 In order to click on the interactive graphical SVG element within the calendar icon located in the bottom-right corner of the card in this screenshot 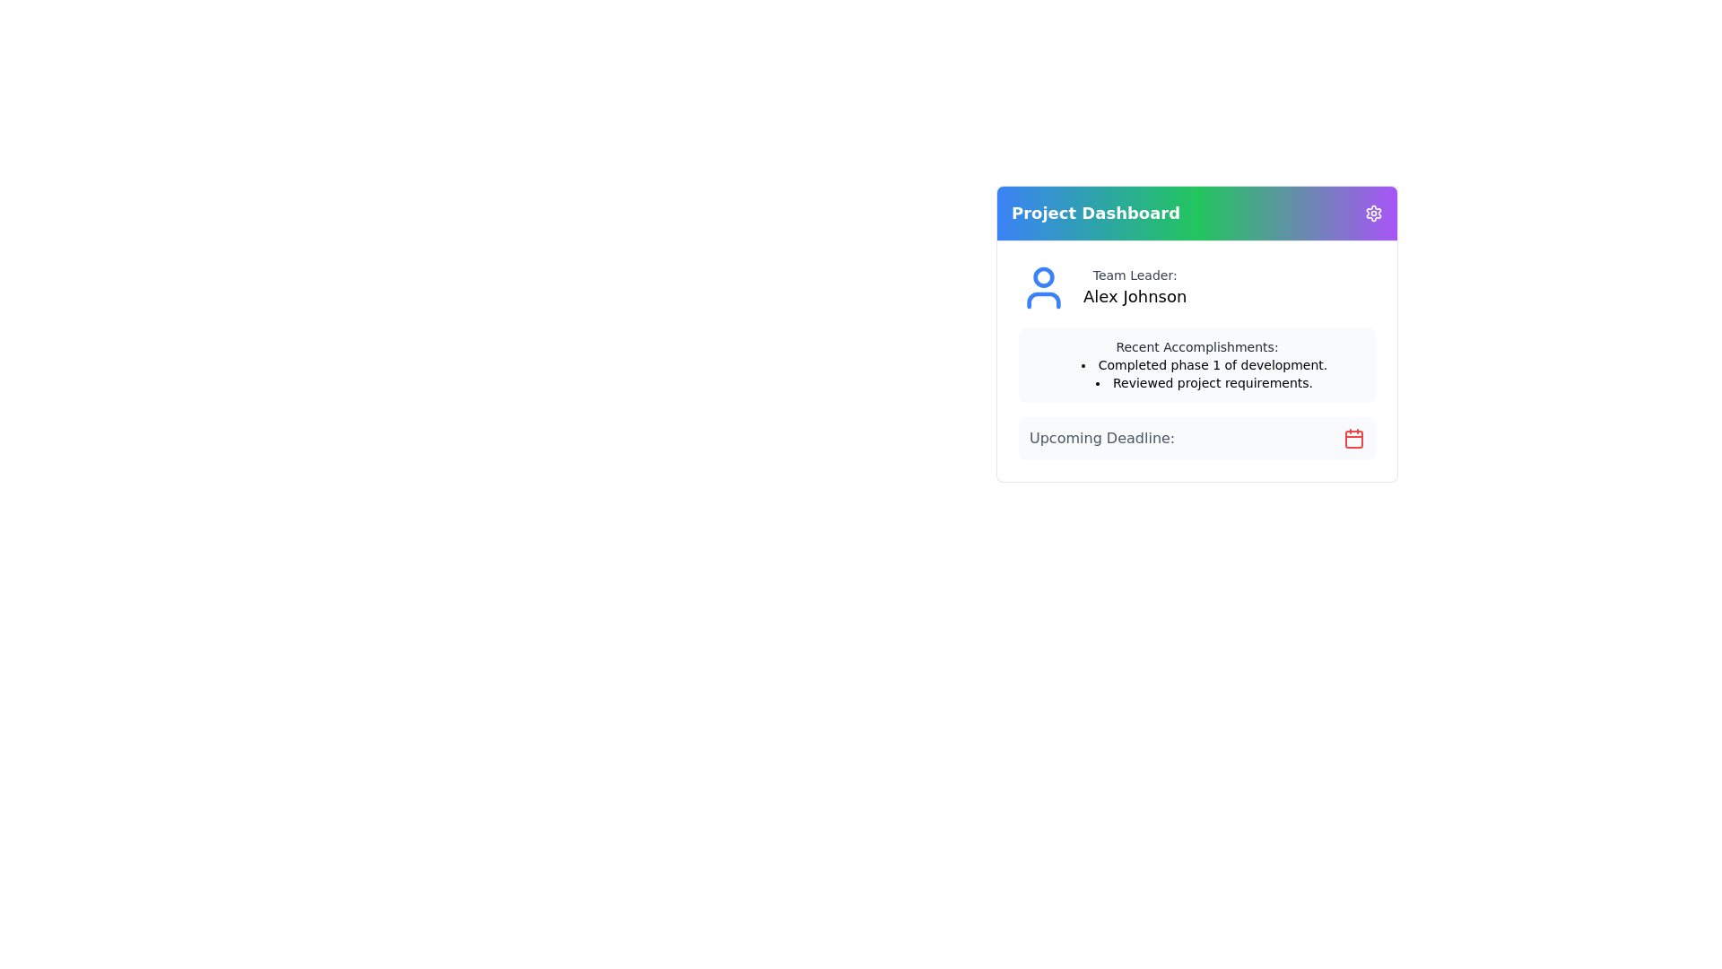, I will do `click(1354, 439)`.